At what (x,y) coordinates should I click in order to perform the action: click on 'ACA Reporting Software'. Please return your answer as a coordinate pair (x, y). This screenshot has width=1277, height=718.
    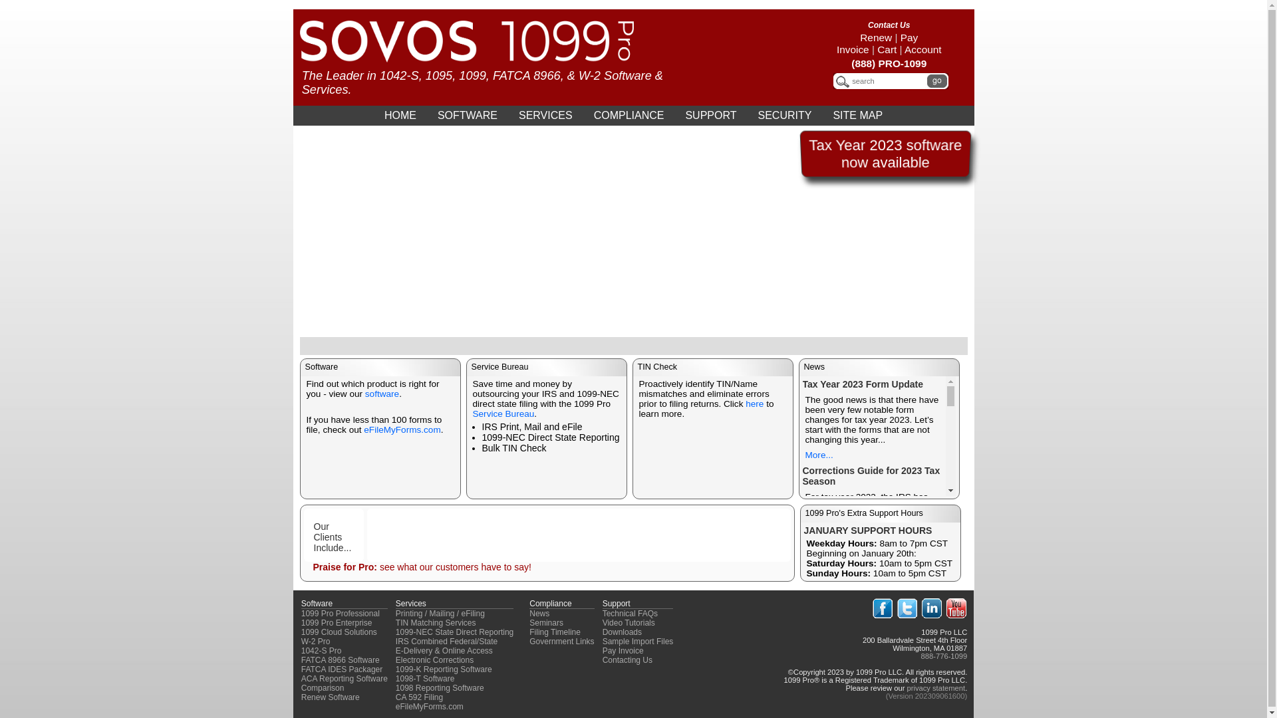
    Looking at the image, I should click on (345, 679).